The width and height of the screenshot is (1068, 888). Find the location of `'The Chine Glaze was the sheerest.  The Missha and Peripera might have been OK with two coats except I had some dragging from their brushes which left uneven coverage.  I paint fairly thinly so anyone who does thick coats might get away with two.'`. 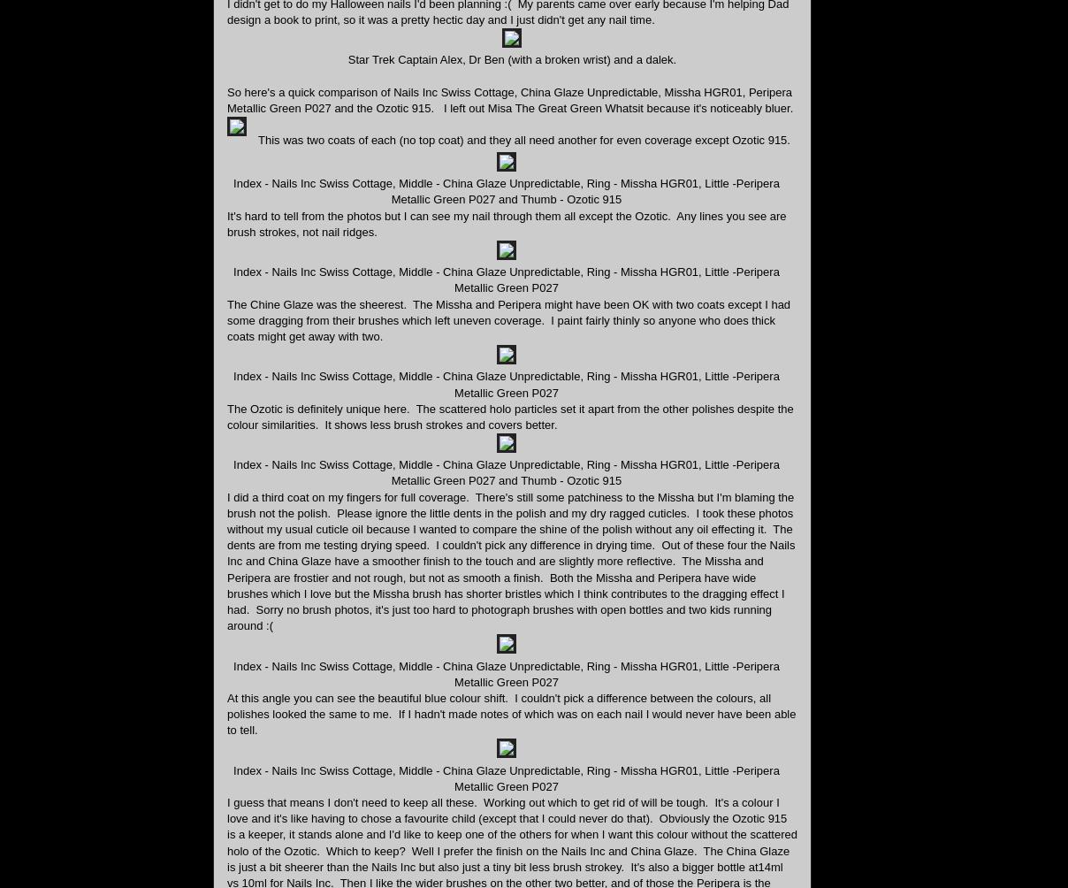

'The Chine Glaze was the sheerest.  The Missha and Peripera might have been OK with two coats except I had some dragging from their brushes which left uneven coverage.  I paint fairly thinly so anyone who does thick coats might get away with two.' is located at coordinates (508, 319).